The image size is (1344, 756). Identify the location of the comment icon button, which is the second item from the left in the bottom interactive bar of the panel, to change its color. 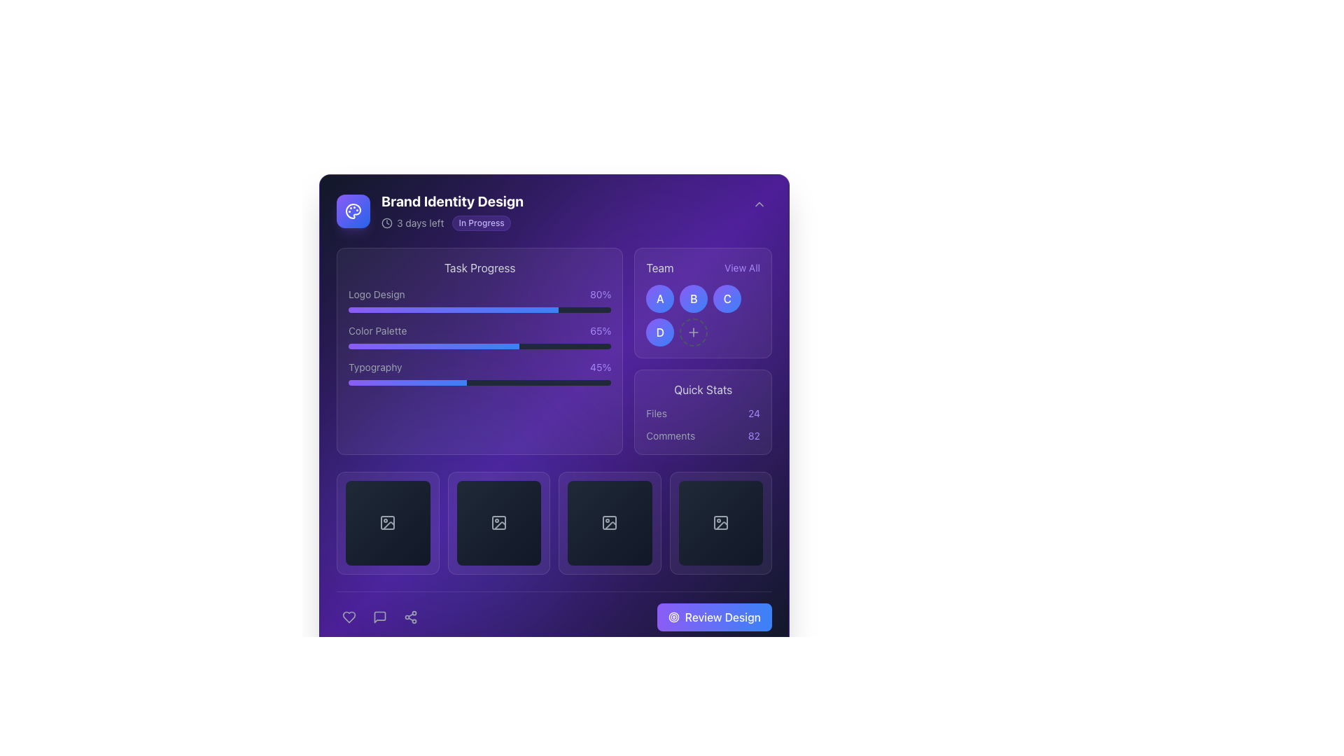
(379, 615).